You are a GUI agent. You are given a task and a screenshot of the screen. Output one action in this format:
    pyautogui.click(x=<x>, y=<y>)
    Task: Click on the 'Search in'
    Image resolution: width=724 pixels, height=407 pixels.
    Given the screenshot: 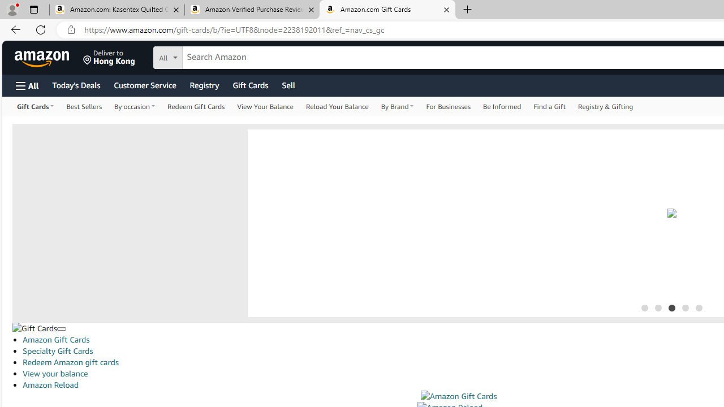 What is the action you would take?
    pyautogui.click(x=210, y=56)
    